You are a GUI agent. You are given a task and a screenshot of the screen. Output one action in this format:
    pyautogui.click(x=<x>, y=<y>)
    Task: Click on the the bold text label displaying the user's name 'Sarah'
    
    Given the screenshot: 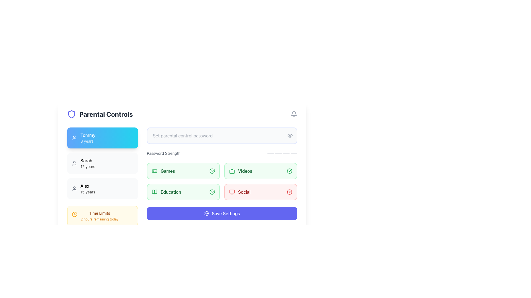 What is the action you would take?
    pyautogui.click(x=87, y=161)
    